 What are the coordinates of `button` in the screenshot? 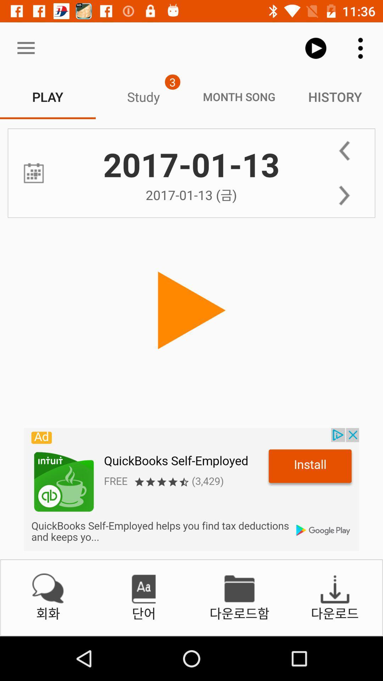 It's located at (191, 311).